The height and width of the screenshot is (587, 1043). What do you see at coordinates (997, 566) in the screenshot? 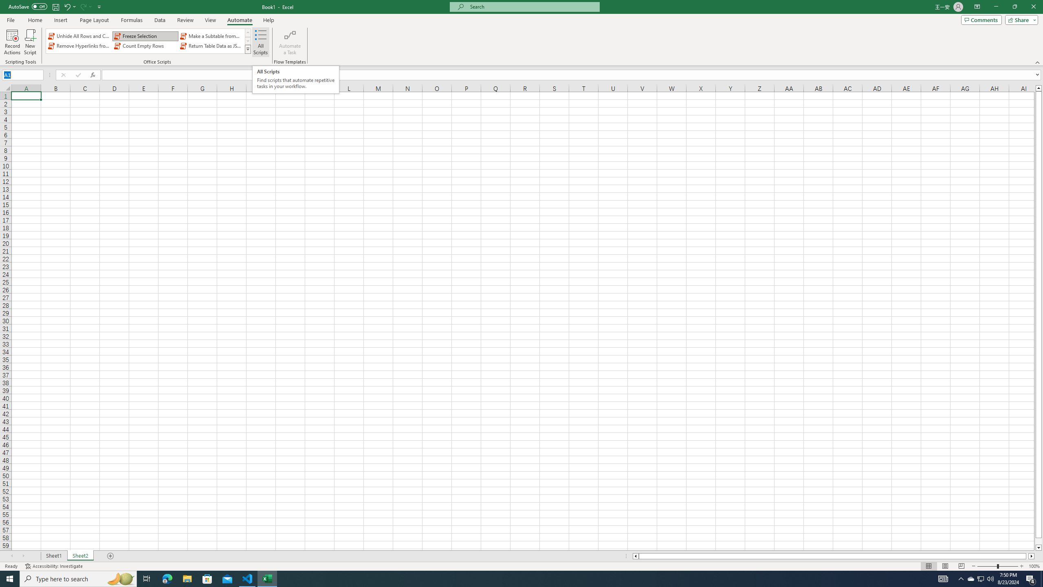
I see `'Zoom'` at bounding box center [997, 566].